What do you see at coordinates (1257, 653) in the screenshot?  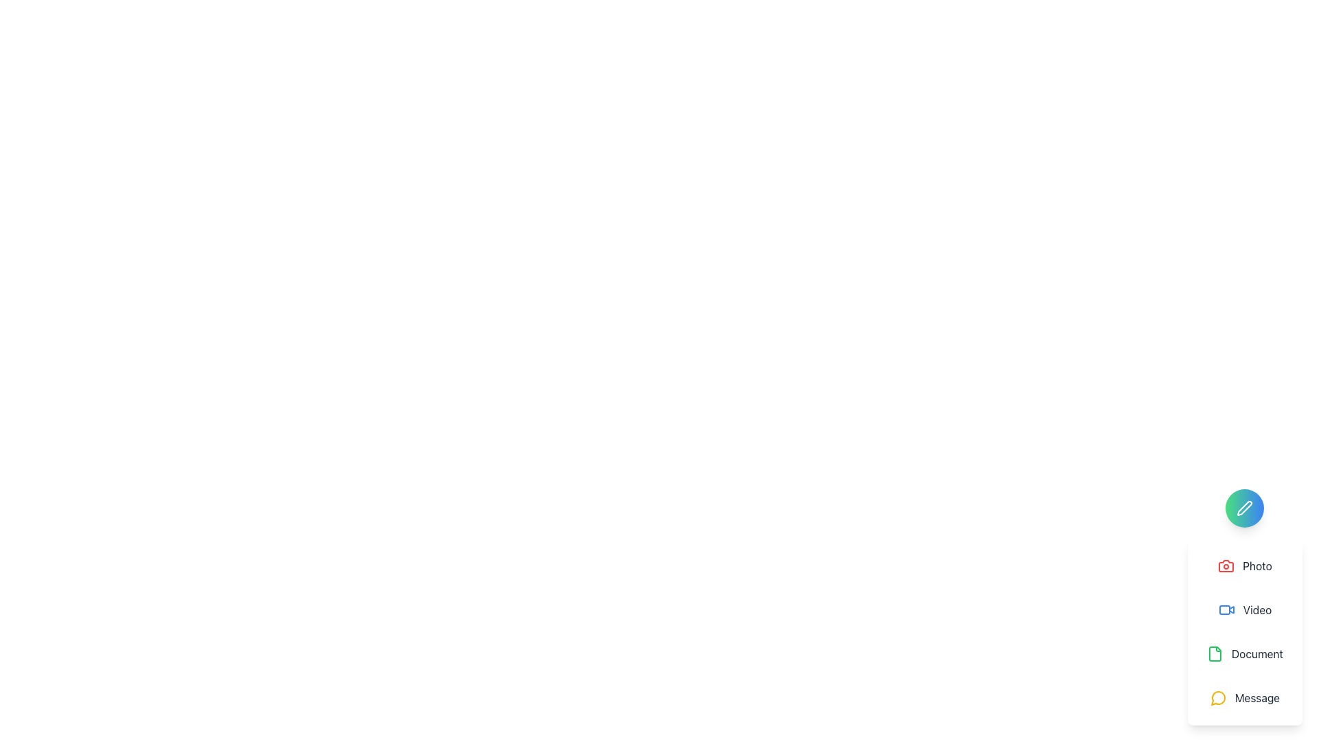 I see `the text label in the third position of the vertical stack in the right-side menu panel` at bounding box center [1257, 653].